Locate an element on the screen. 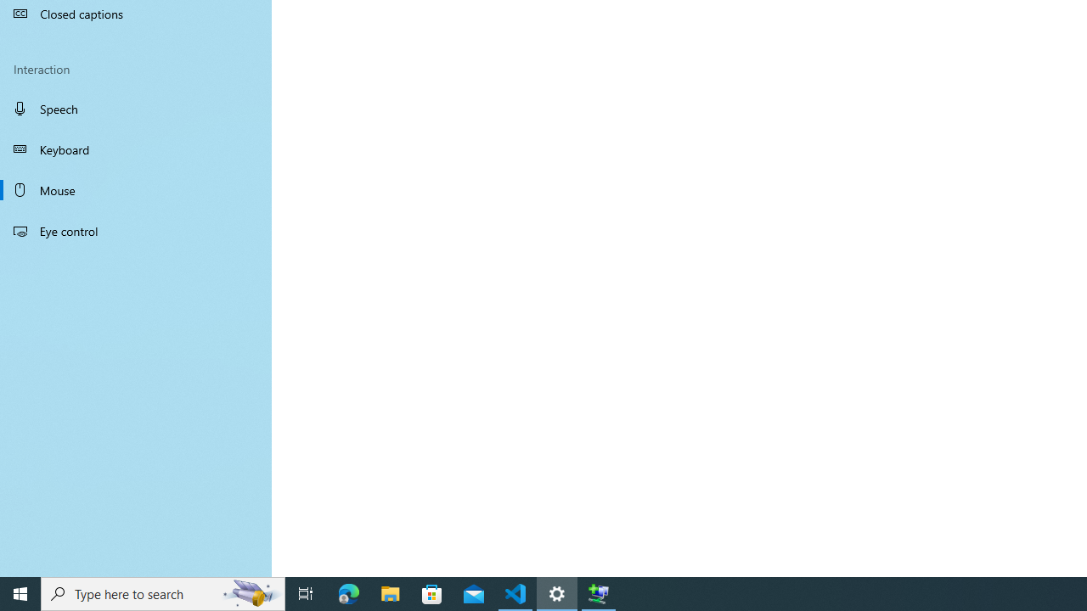 The width and height of the screenshot is (1087, 611). 'Settings - 1 running window' is located at coordinates (557, 592).